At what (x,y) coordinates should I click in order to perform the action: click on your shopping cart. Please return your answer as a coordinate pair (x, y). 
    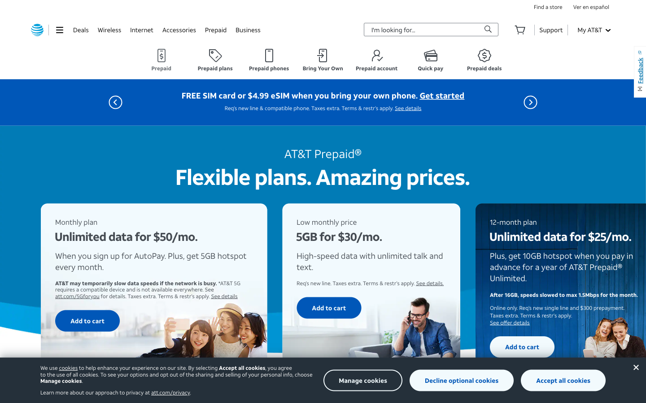
    Looking at the image, I should click on (520, 29).